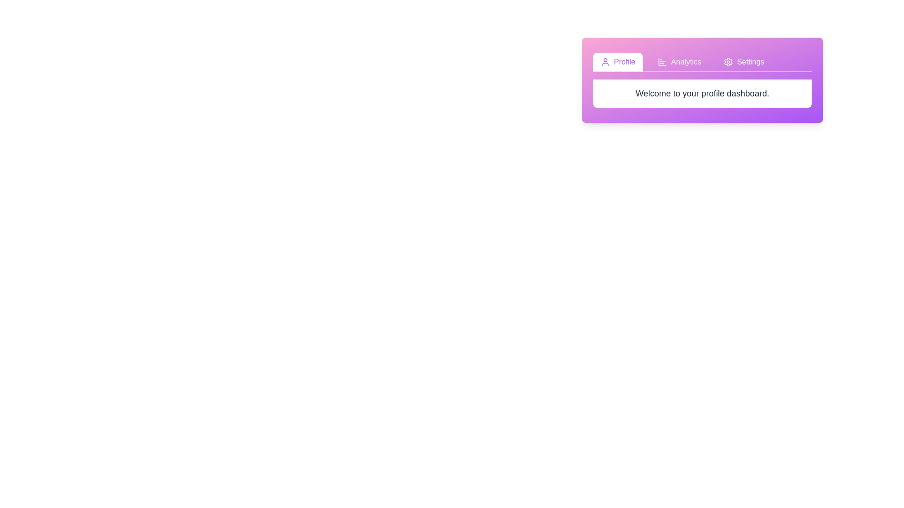  What do you see at coordinates (618, 62) in the screenshot?
I see `the Profile tab button` at bounding box center [618, 62].